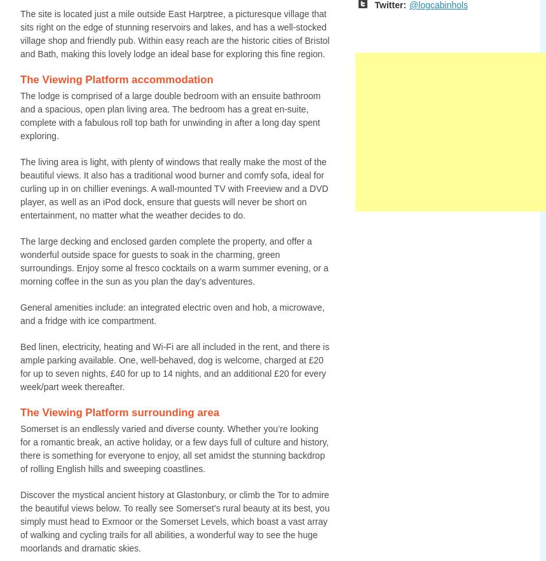  I want to click on 'General amenities include: an integrated electric oven and hob, a microwave, and a fridge with ice compartment.', so click(20, 314).